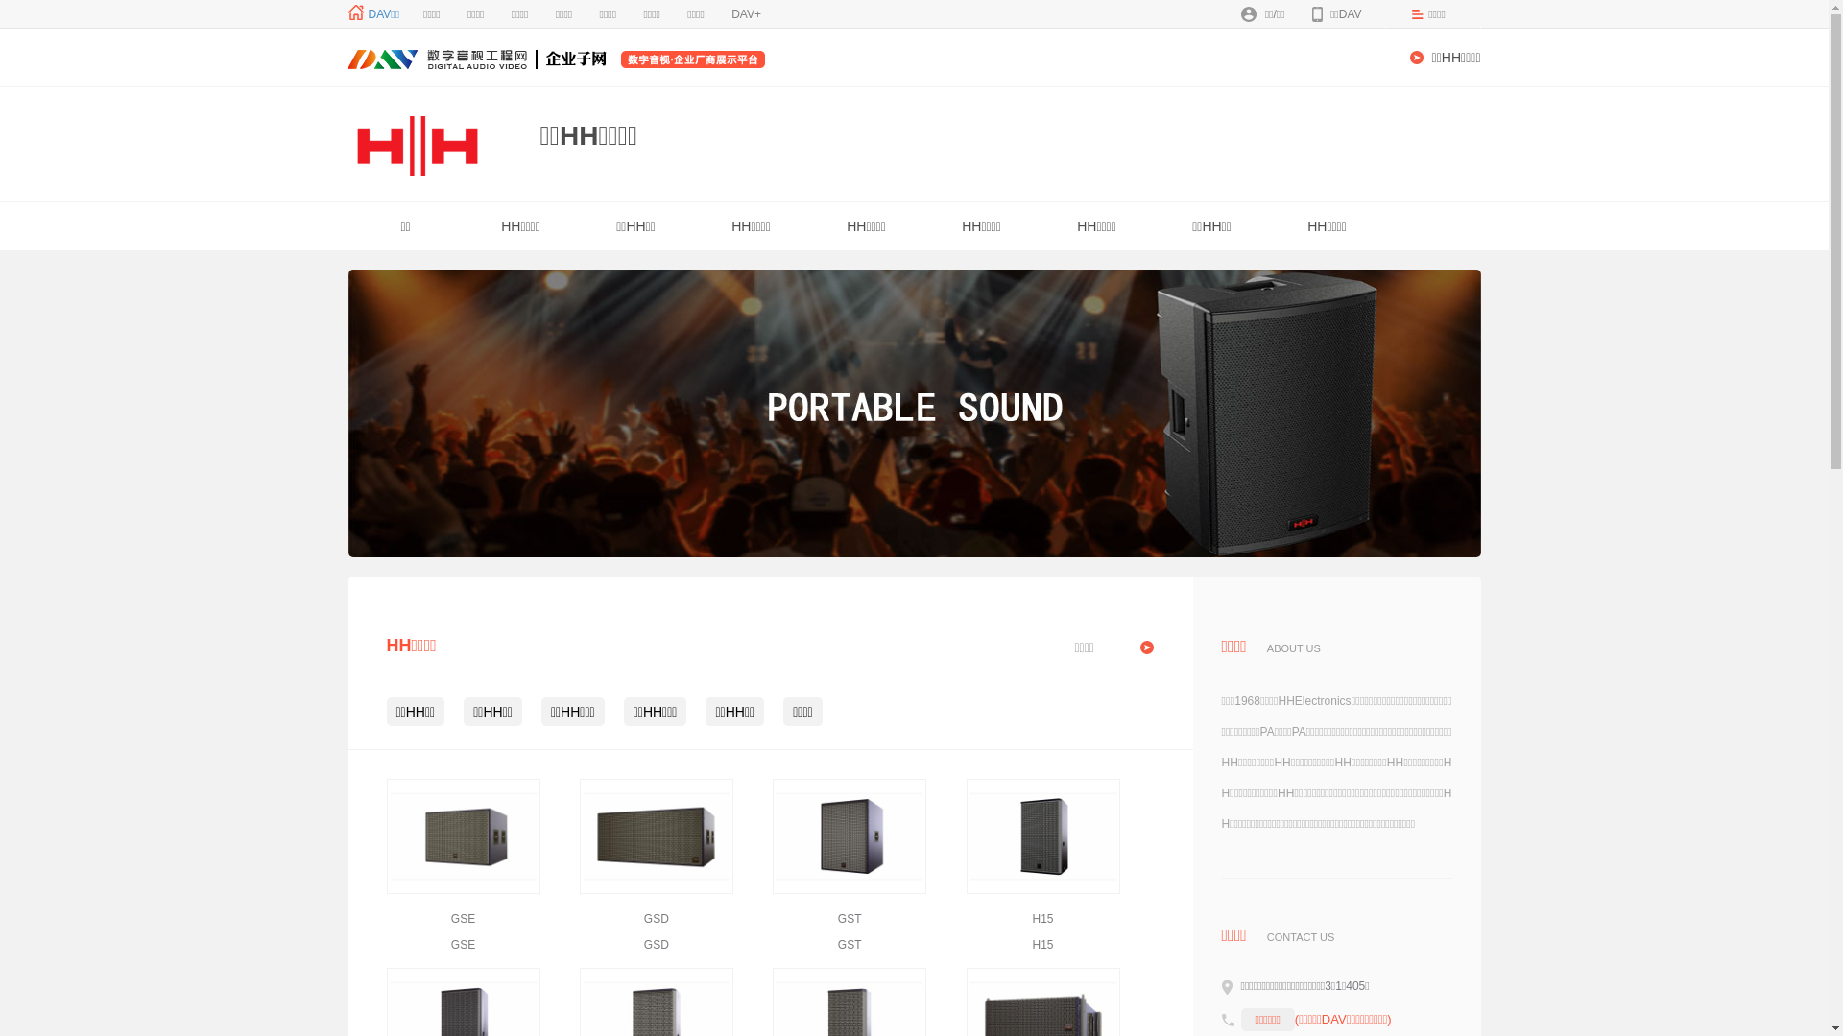 This screenshot has width=1843, height=1036. Describe the element at coordinates (745, 14) in the screenshot. I see `'DAV+'` at that location.